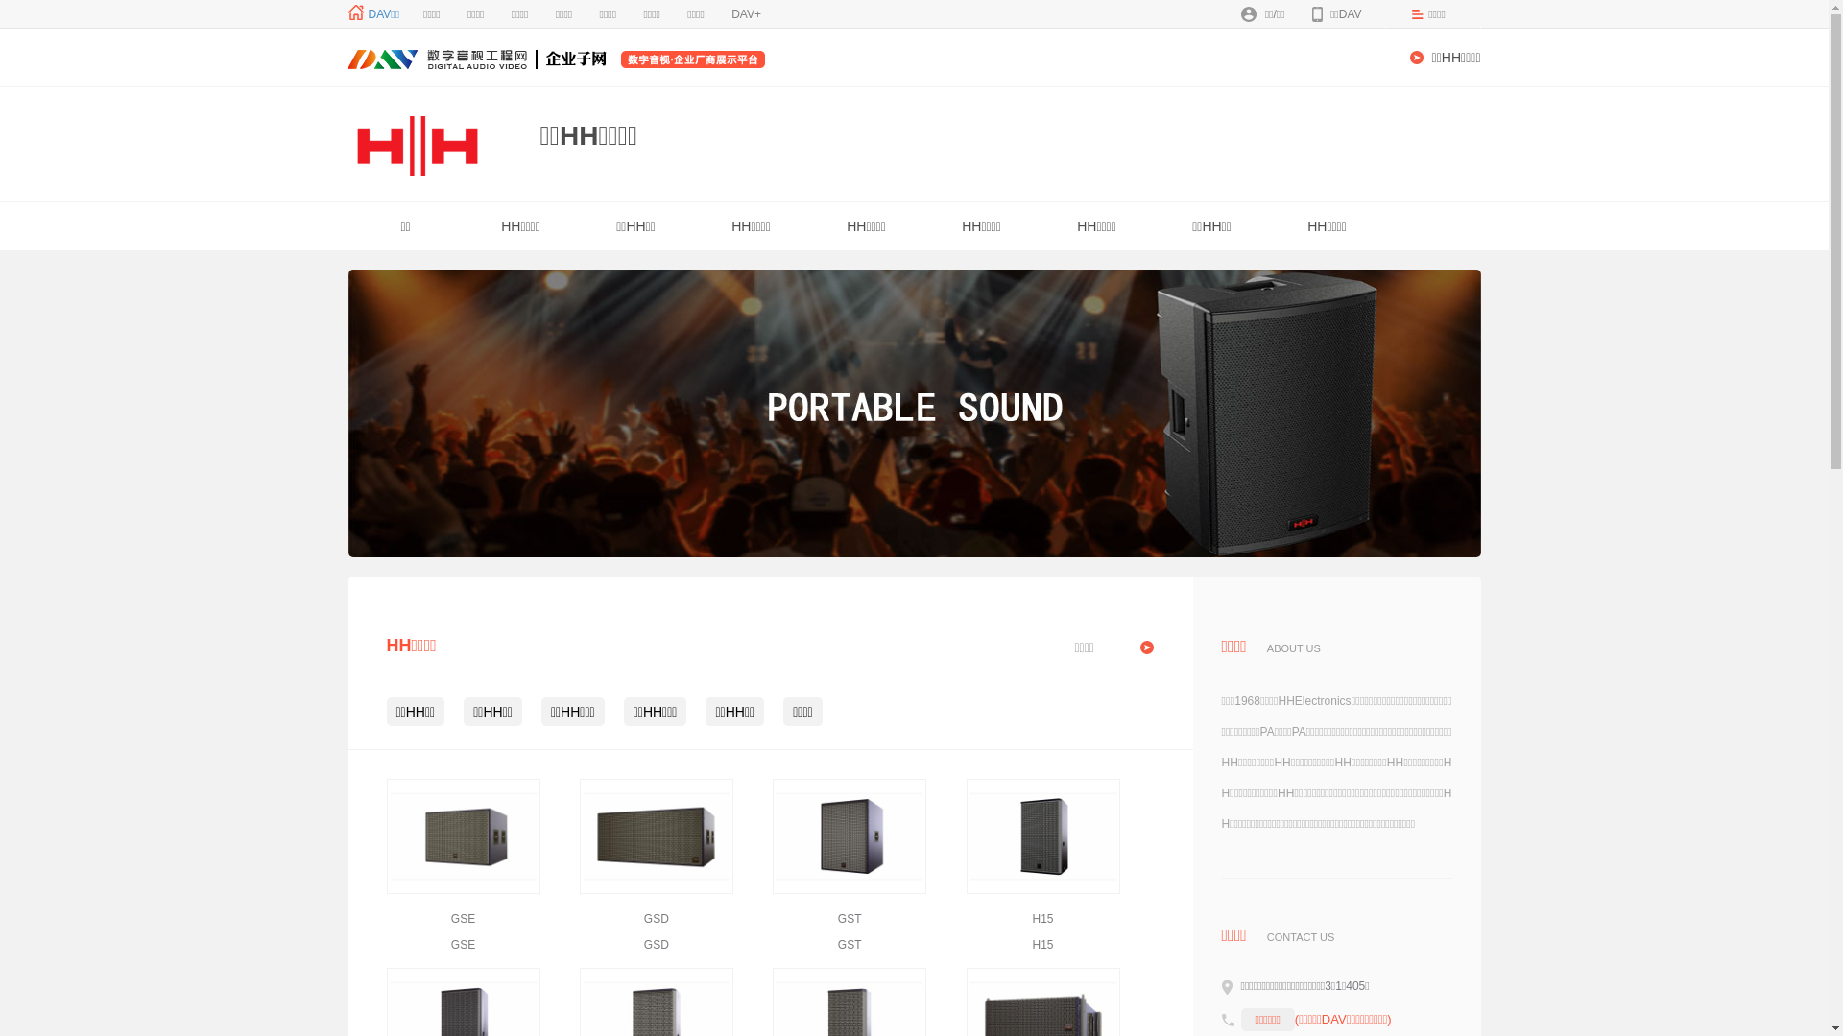 This screenshot has width=1843, height=1036. Describe the element at coordinates (745, 14) in the screenshot. I see `'DAV+'` at that location.